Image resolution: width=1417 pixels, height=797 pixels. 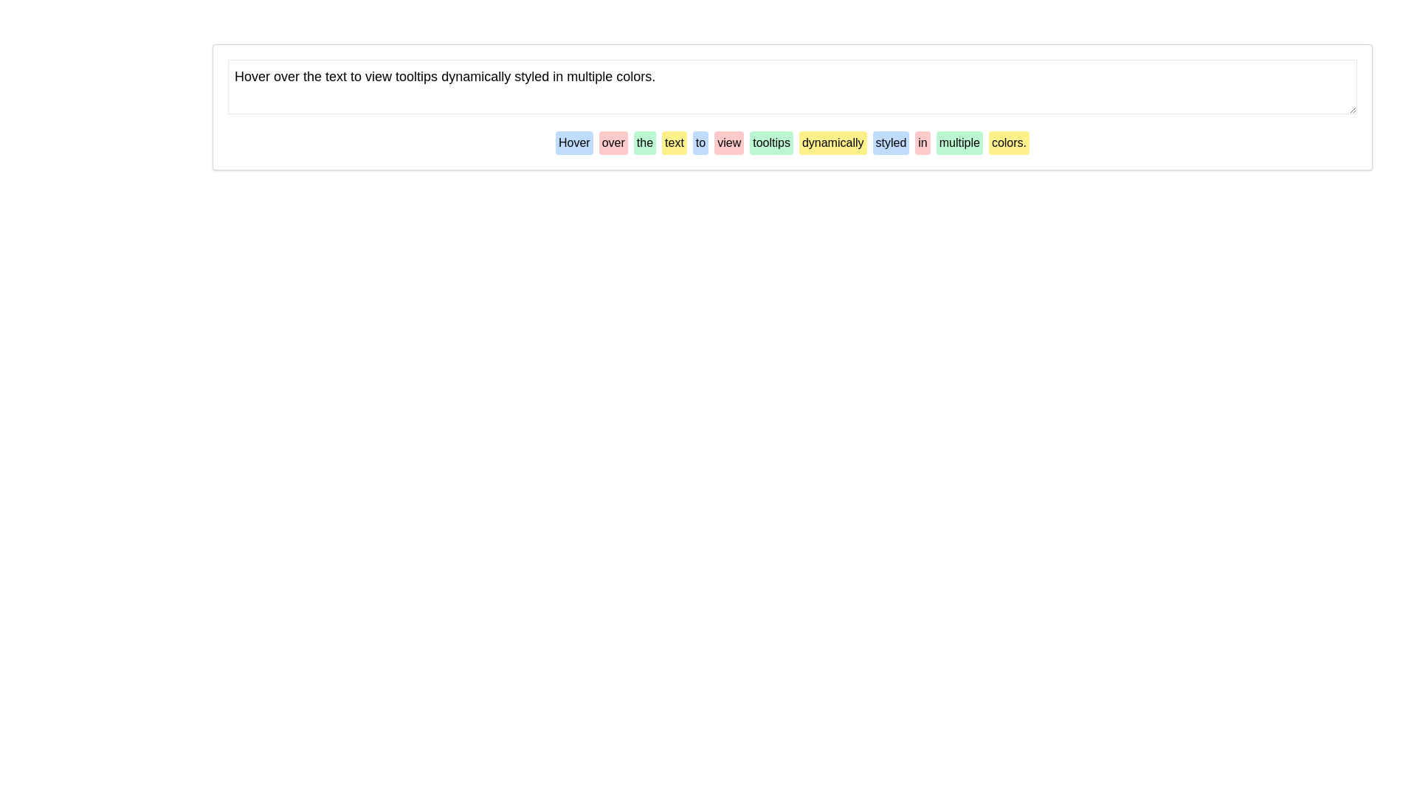 What do you see at coordinates (959, 142) in the screenshot?
I see `the green button labeled 'multiple'` at bounding box center [959, 142].